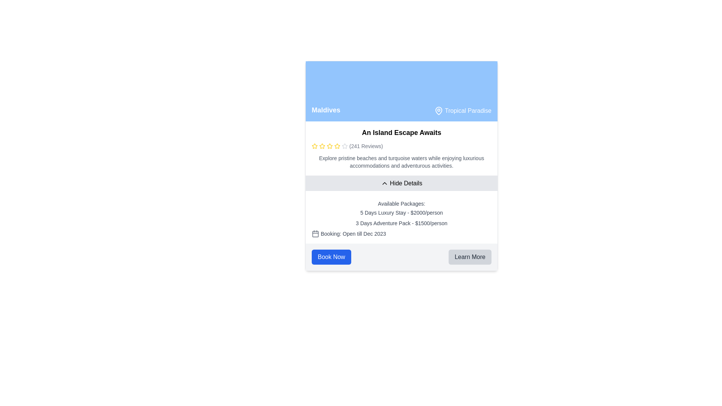 Image resolution: width=722 pixels, height=406 pixels. What do you see at coordinates (315, 233) in the screenshot?
I see `the rectangular region with rounded corners embedded within the calendar icon, which is located to the left of the text 'Booking: Open till Dec 2023'` at bounding box center [315, 233].